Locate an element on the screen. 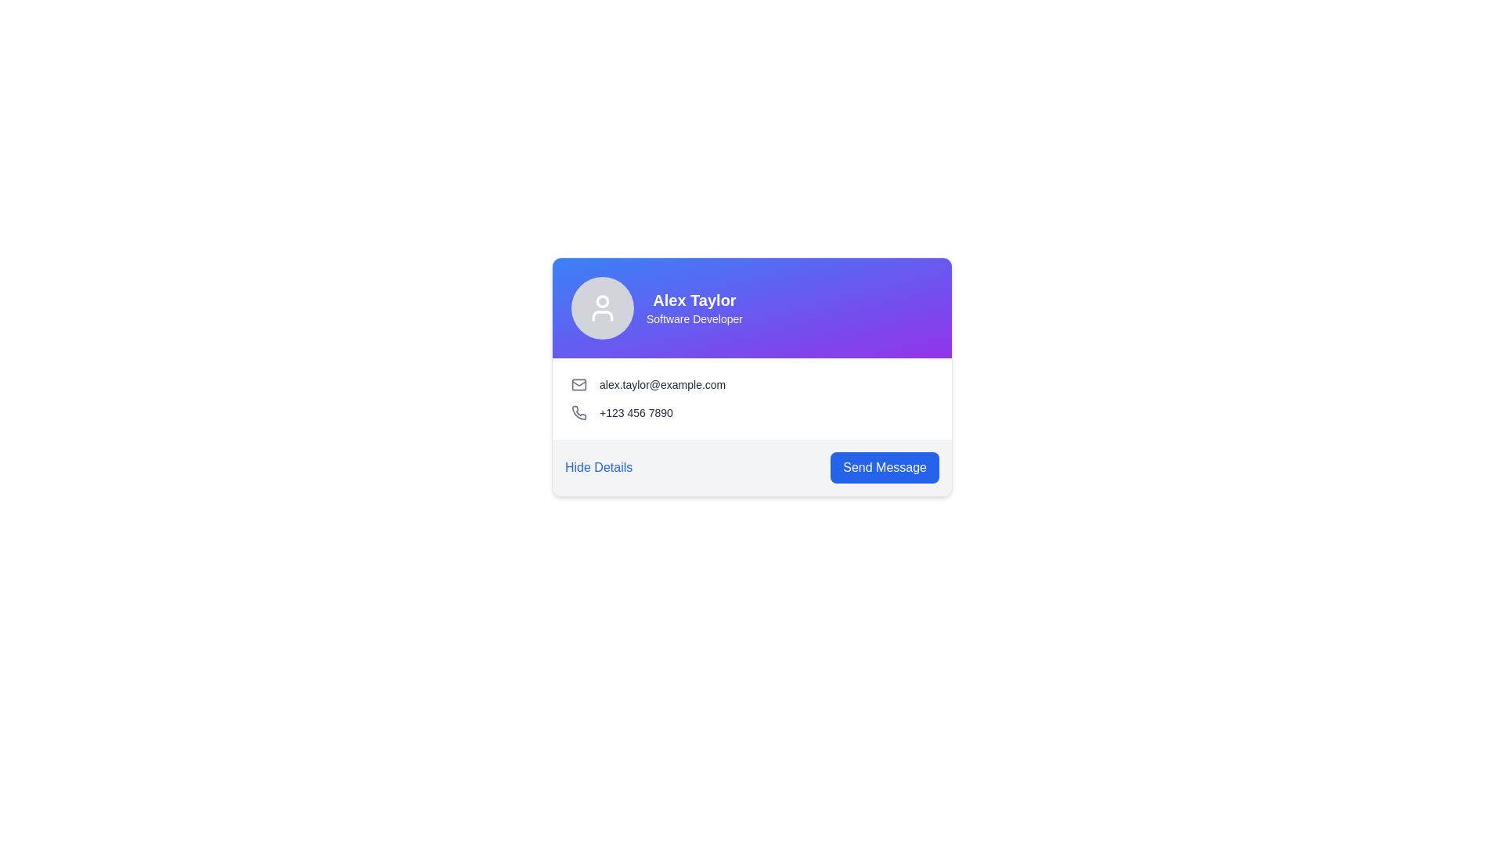  the textual display component showing 'Alex Taylor' and 'Software Developer', located in the top section of the profile card, to the right of the profile picture icon is located at coordinates (694, 307).